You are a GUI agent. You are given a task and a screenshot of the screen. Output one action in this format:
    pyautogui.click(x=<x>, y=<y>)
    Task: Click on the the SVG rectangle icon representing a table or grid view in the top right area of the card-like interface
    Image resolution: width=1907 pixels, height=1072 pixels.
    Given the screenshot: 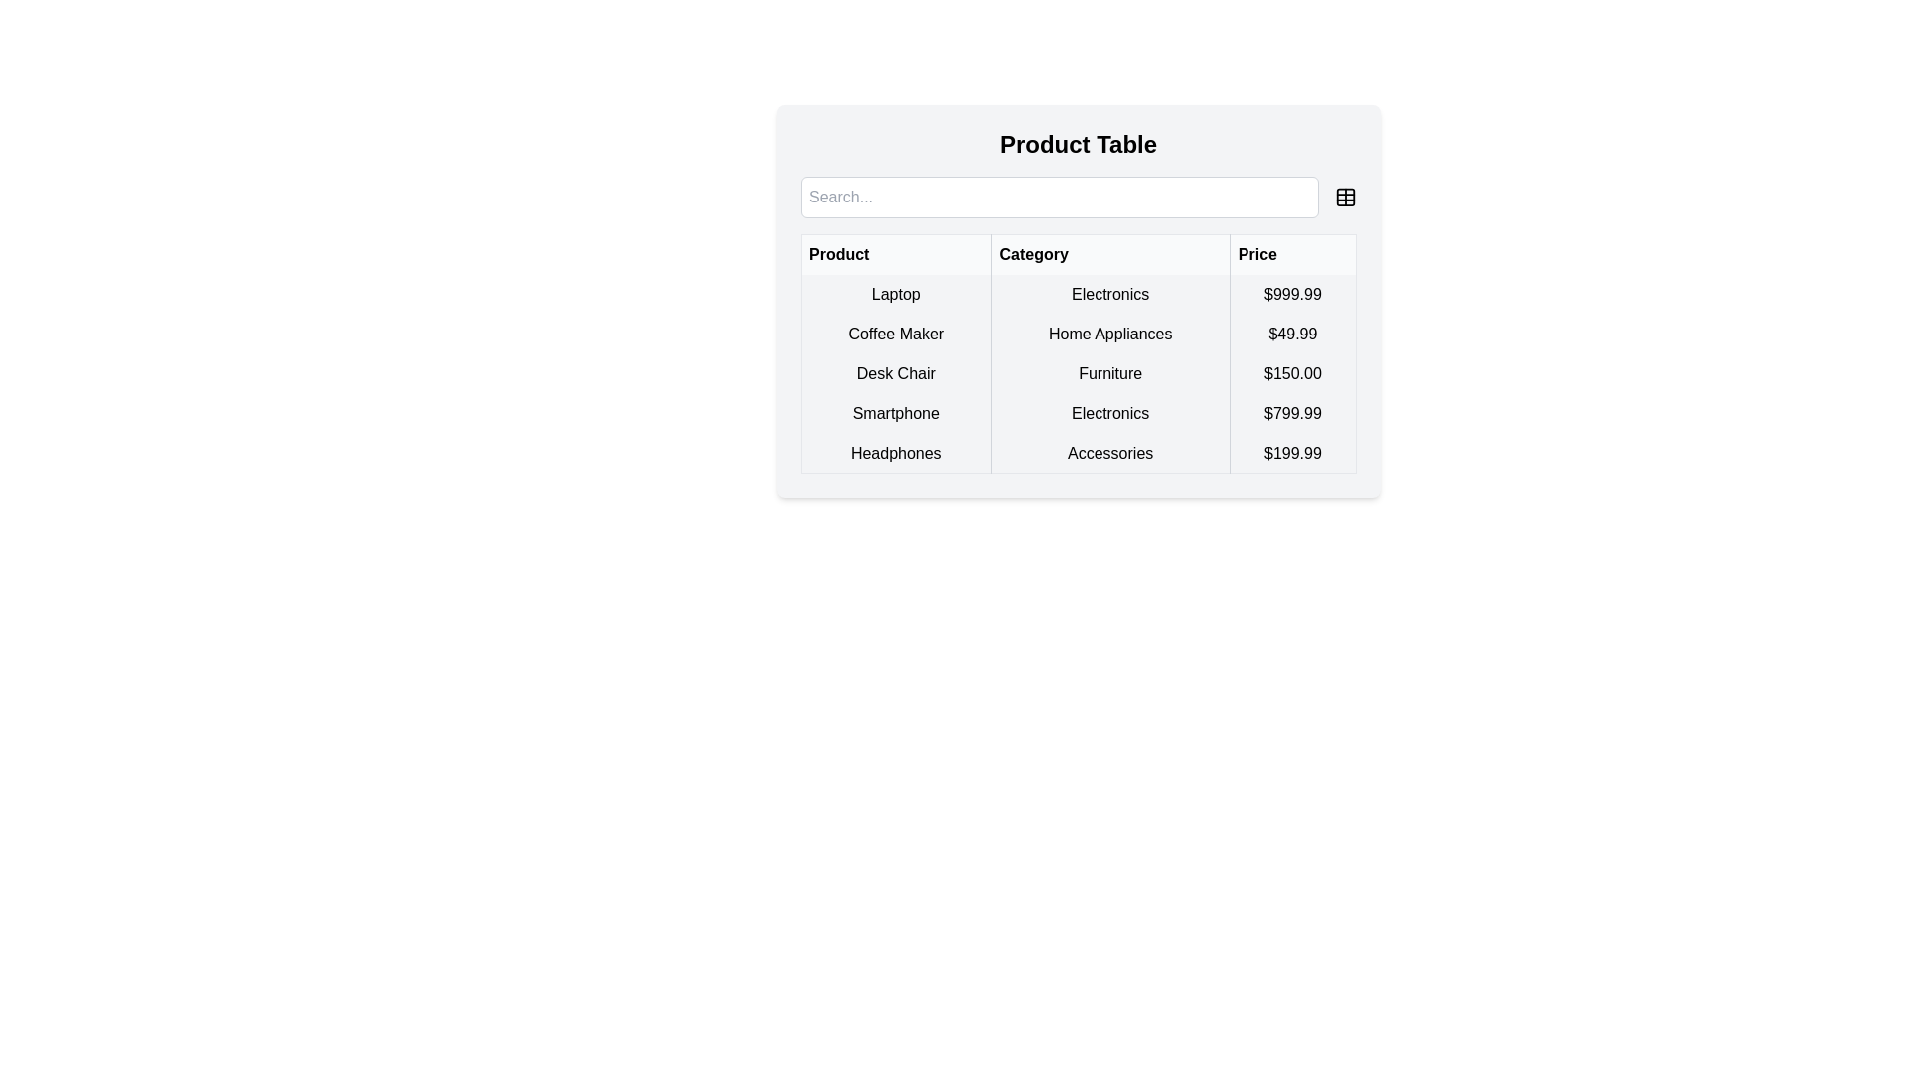 What is the action you would take?
    pyautogui.click(x=1345, y=198)
    